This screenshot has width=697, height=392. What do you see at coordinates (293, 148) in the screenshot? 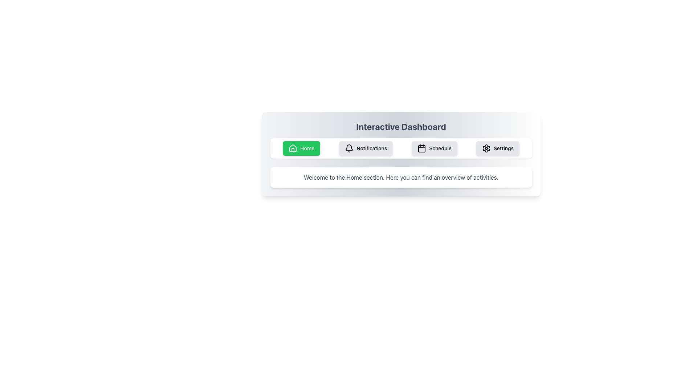
I see `the house icon located in the leftmost section of the navigation bar` at bounding box center [293, 148].